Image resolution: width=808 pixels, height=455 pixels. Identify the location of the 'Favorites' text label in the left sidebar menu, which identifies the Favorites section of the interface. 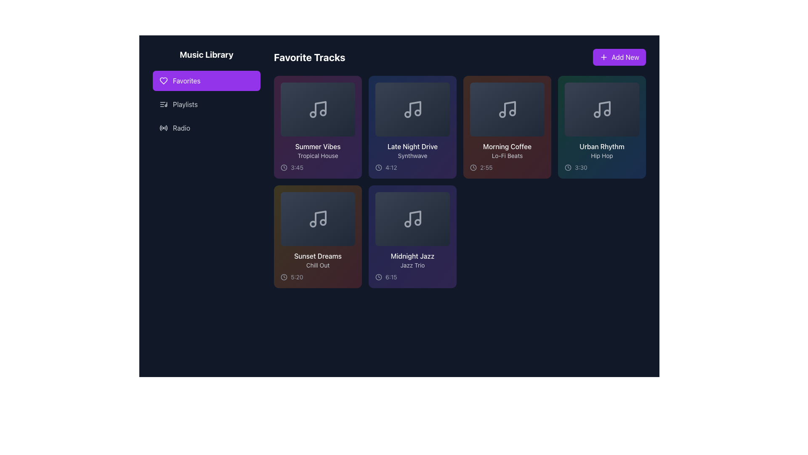
(186, 81).